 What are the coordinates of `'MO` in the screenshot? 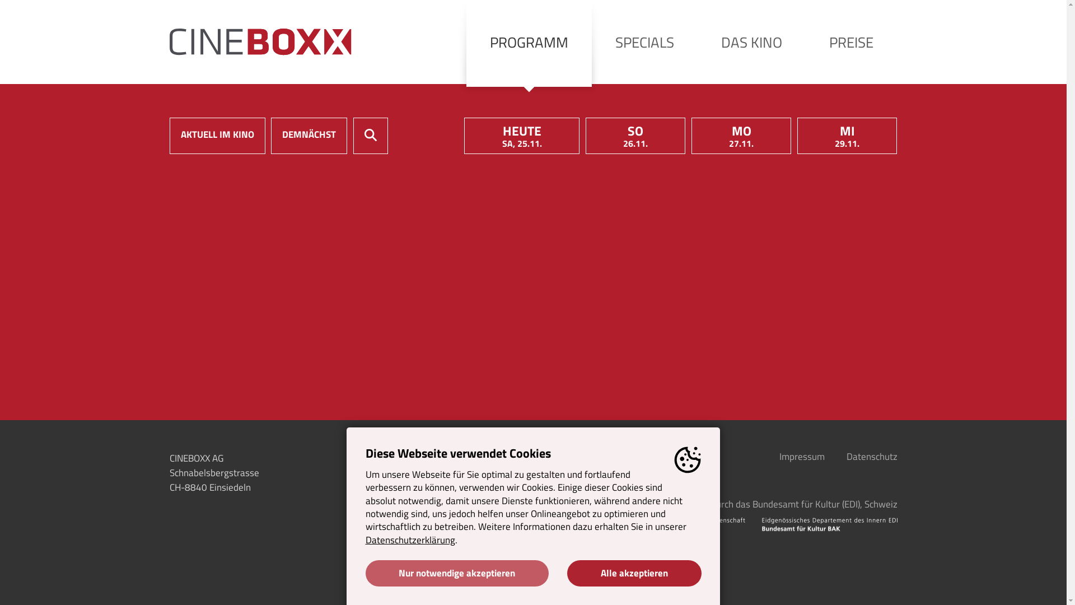 It's located at (741, 135).